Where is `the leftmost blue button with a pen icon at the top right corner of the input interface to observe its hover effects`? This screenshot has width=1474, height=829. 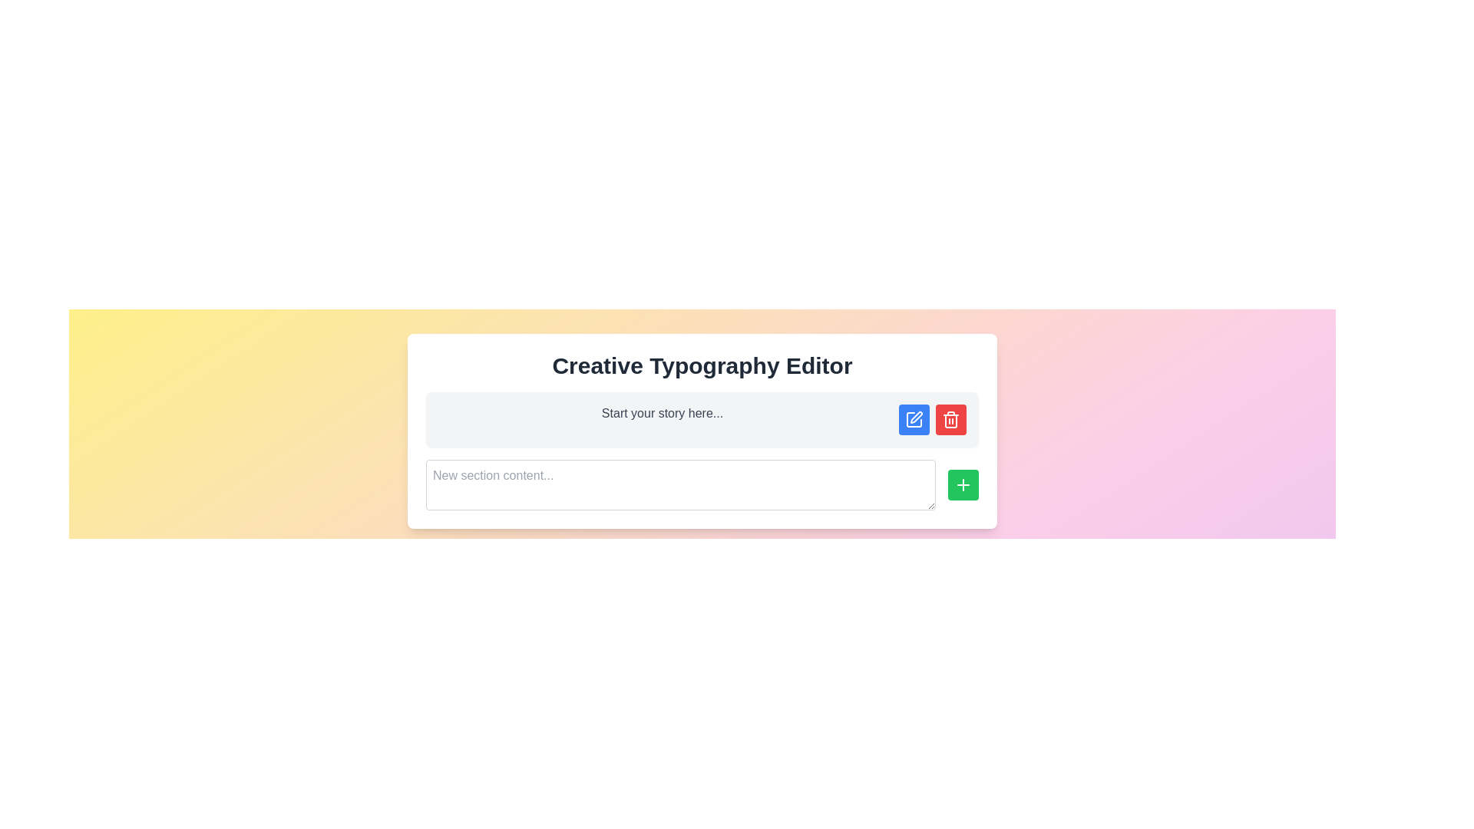 the leftmost blue button with a pen icon at the top right corner of the input interface to observe its hover effects is located at coordinates (914, 420).